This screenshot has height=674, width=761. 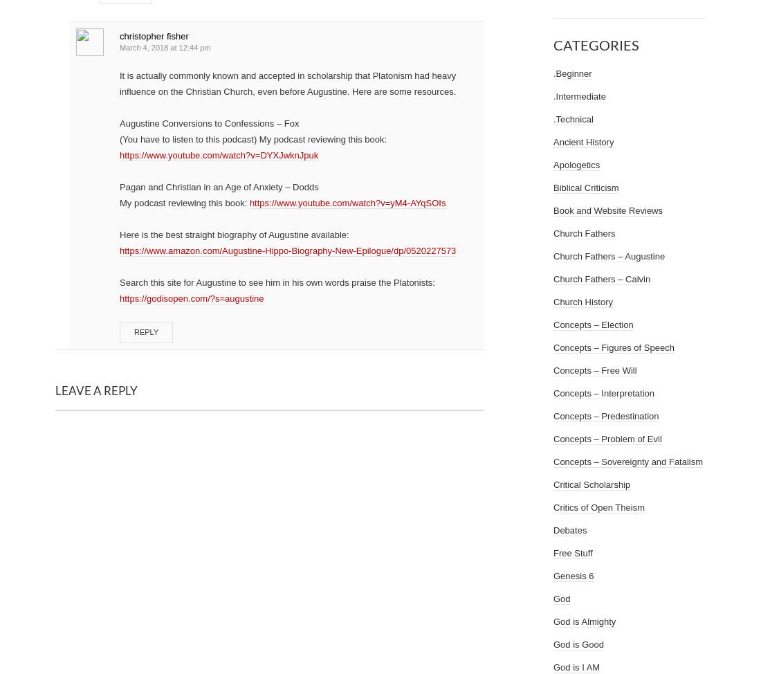 I want to click on 'Ancient History', so click(x=583, y=142).